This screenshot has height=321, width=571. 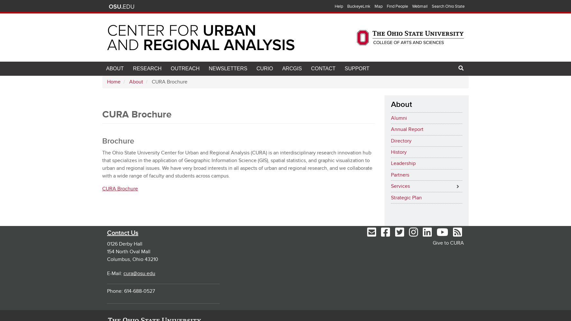 I want to click on 'Columbus,
    
          Ohio 
    
          43210', so click(x=132, y=259).